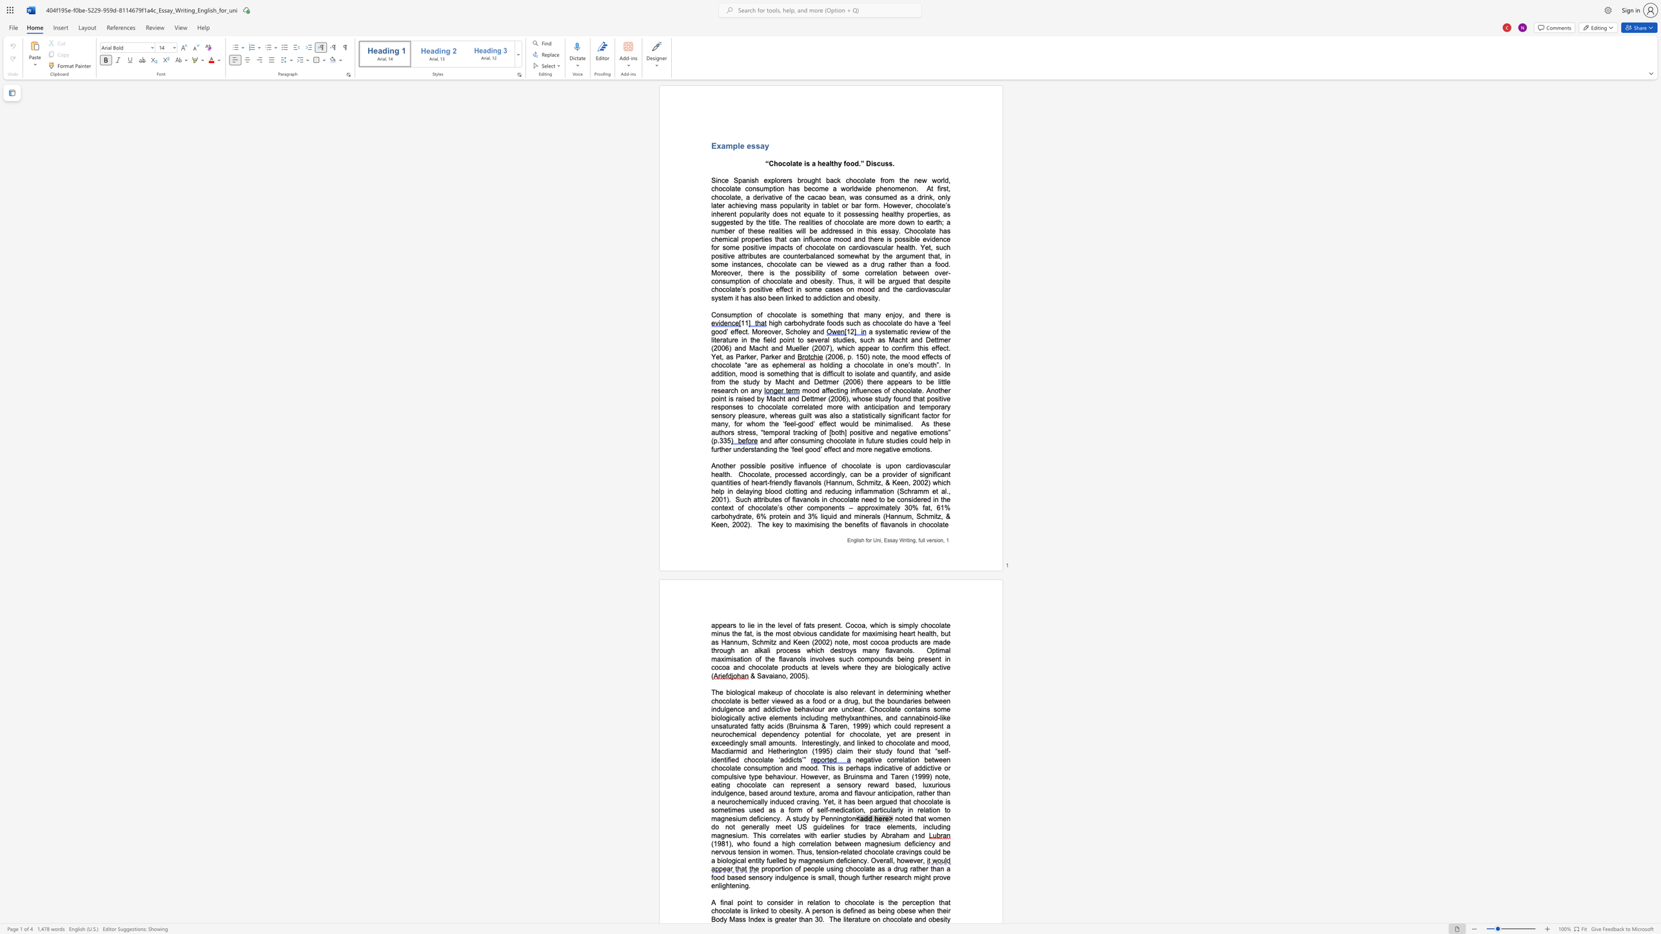  I want to click on the subset text "besity. A person is defined as being ob" within the text "that chocolate is linked to obesity. A person is defined as being obese when their Body Mass Index is greater than 30", so click(783, 910).